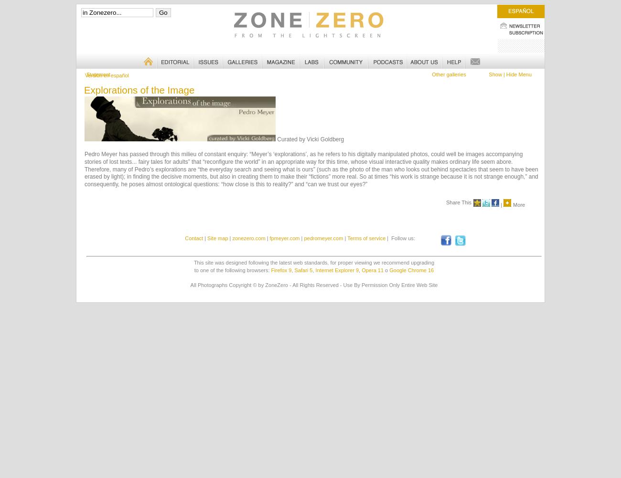 The image size is (621, 478). I want to click on 'Terms of service', so click(366, 238).